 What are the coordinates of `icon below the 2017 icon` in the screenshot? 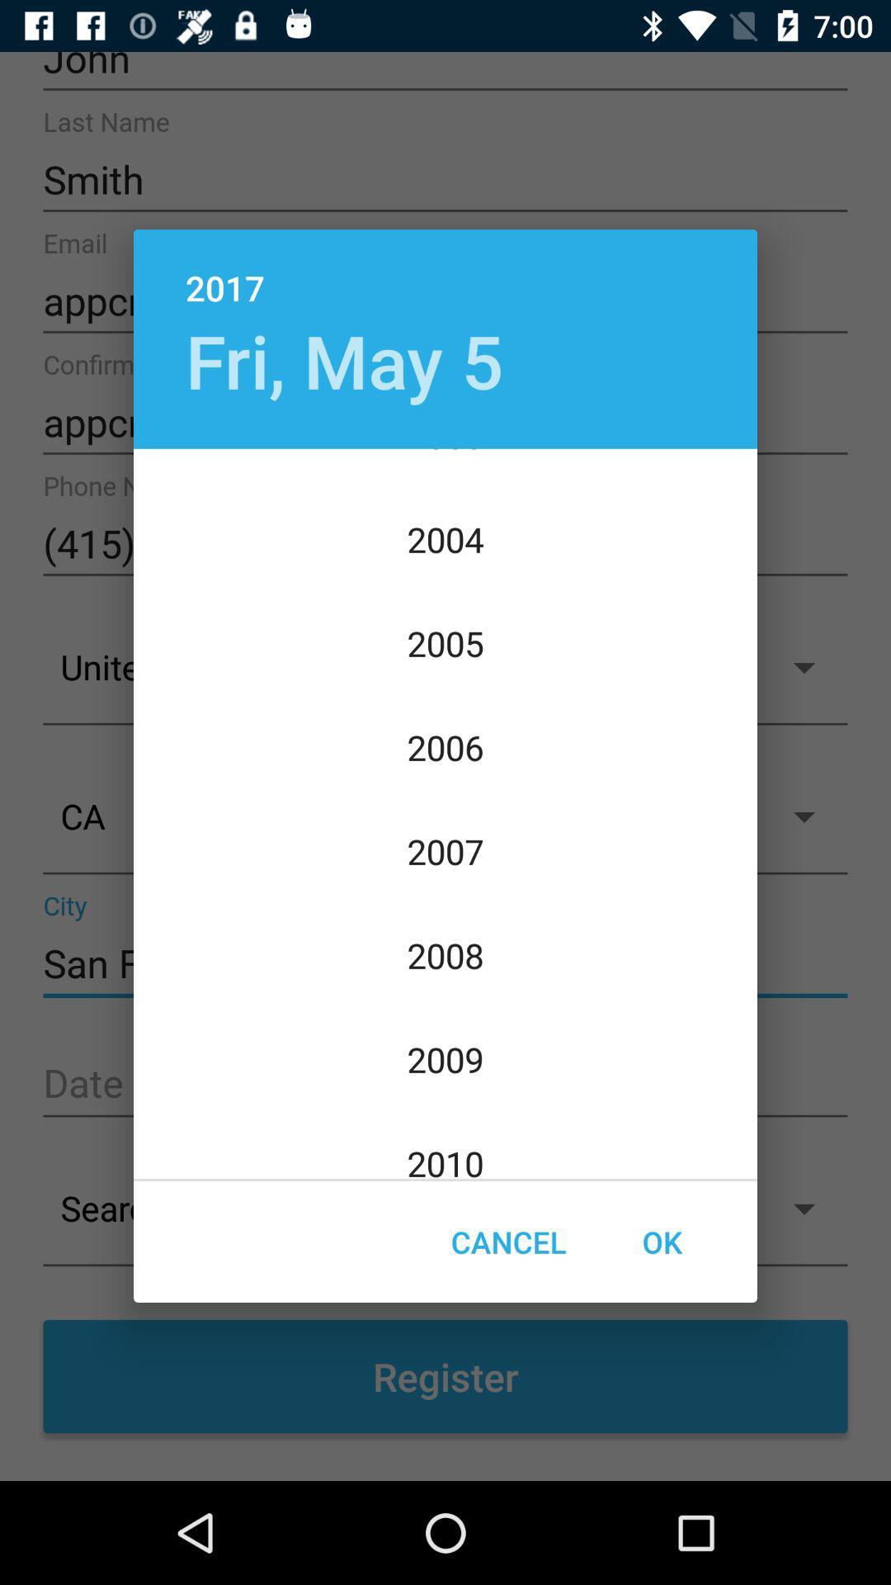 It's located at (343, 359).